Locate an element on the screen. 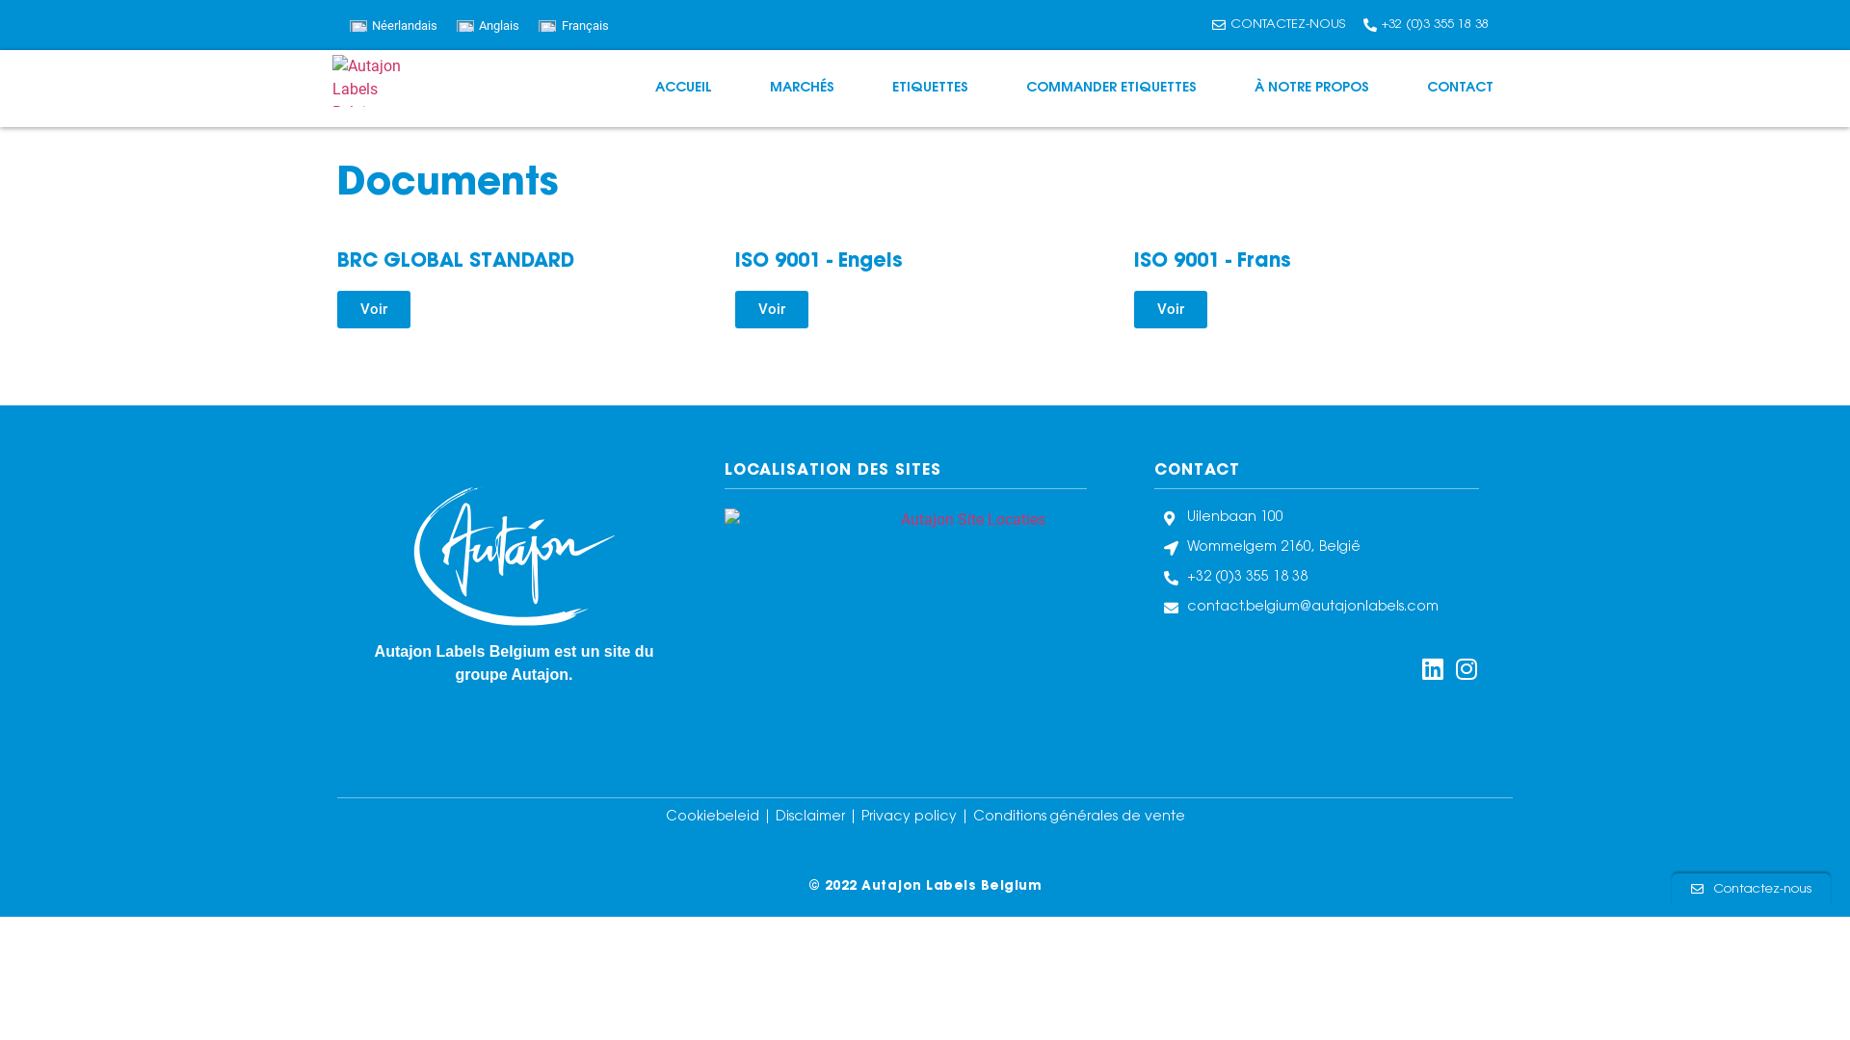 This screenshot has width=1850, height=1040. 'CONTACTEZ-NOUS' is located at coordinates (1276, 25).